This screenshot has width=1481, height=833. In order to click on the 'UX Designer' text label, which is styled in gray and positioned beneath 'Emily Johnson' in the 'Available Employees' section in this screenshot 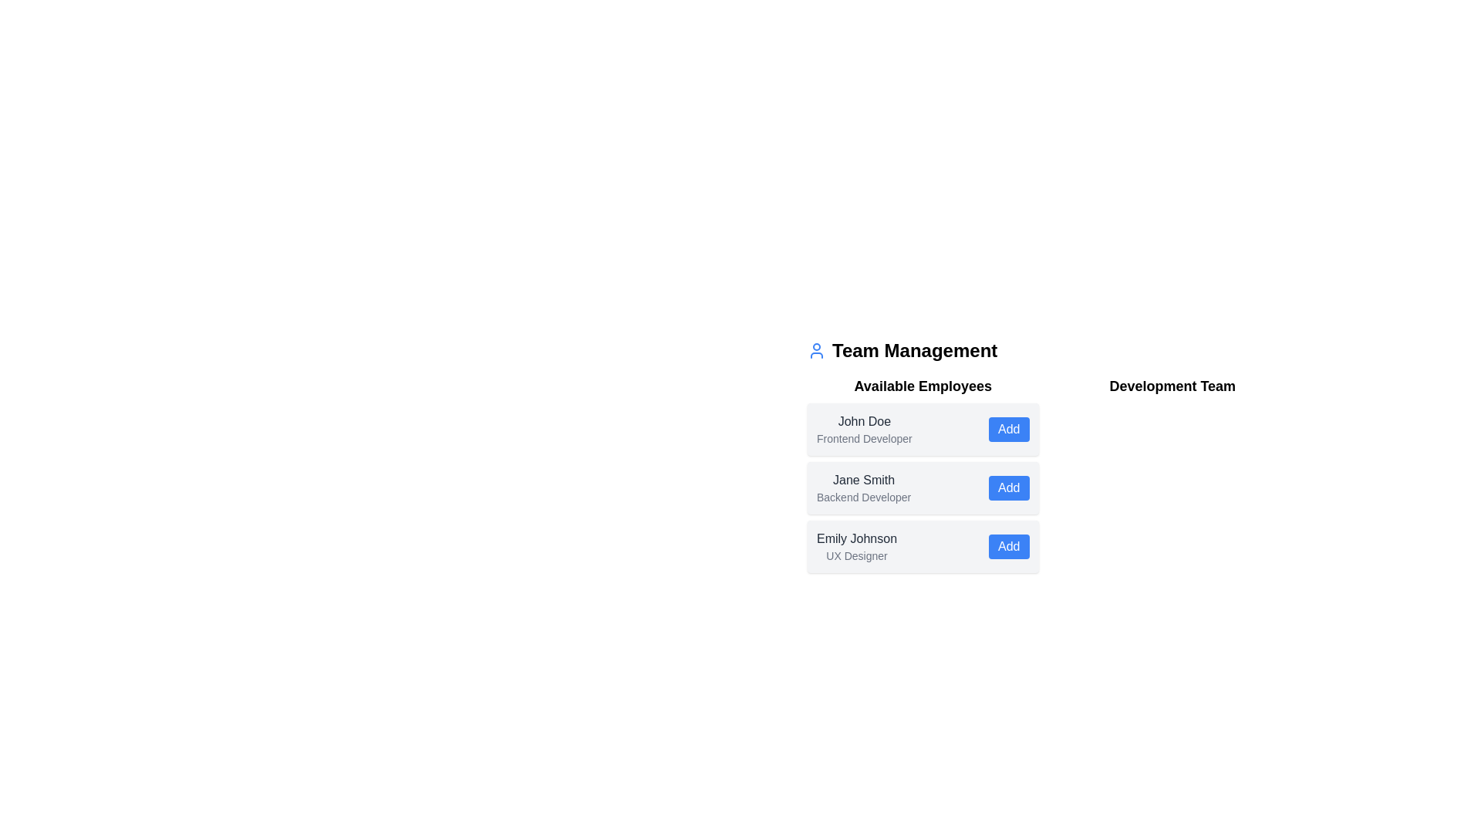, I will do `click(856, 556)`.